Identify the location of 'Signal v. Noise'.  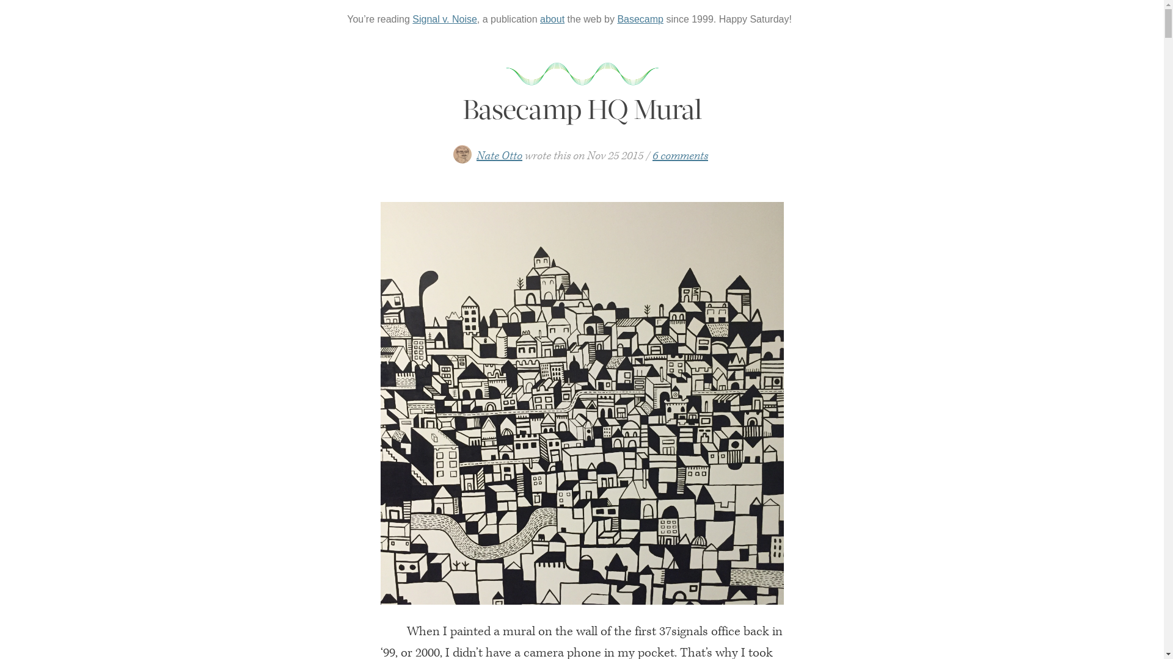
(444, 19).